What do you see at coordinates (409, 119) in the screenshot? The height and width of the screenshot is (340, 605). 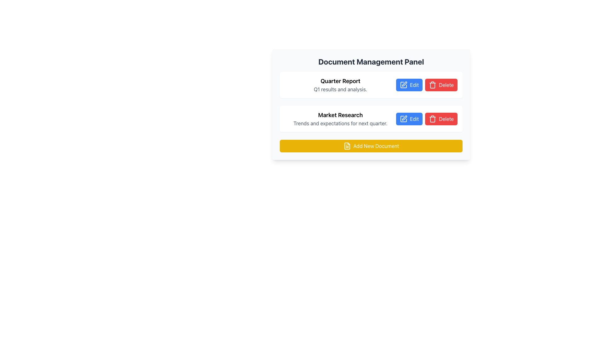 I see `the bright blue 'Edit' button with white text and a pen icon to initiate the edit action` at bounding box center [409, 119].